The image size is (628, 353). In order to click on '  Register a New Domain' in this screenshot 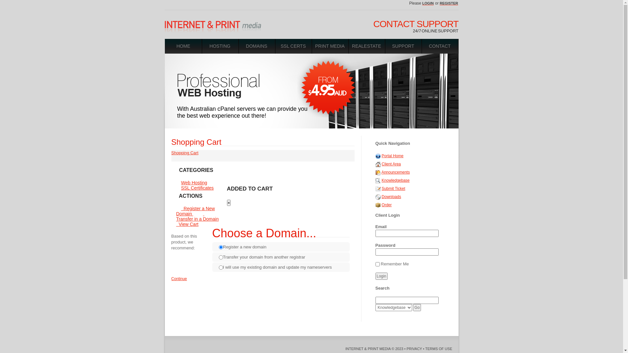, I will do `click(195, 211)`.